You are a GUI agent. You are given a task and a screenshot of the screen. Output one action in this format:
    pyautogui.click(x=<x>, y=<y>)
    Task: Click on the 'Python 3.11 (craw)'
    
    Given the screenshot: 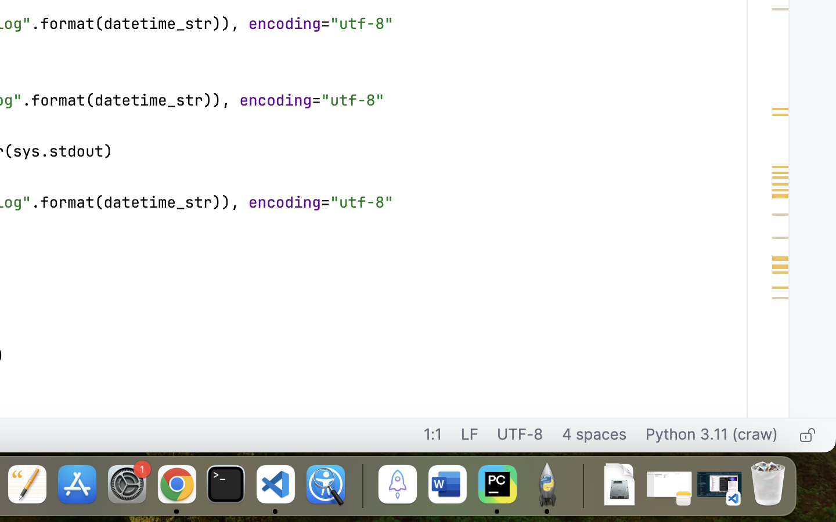 What is the action you would take?
    pyautogui.click(x=711, y=434)
    